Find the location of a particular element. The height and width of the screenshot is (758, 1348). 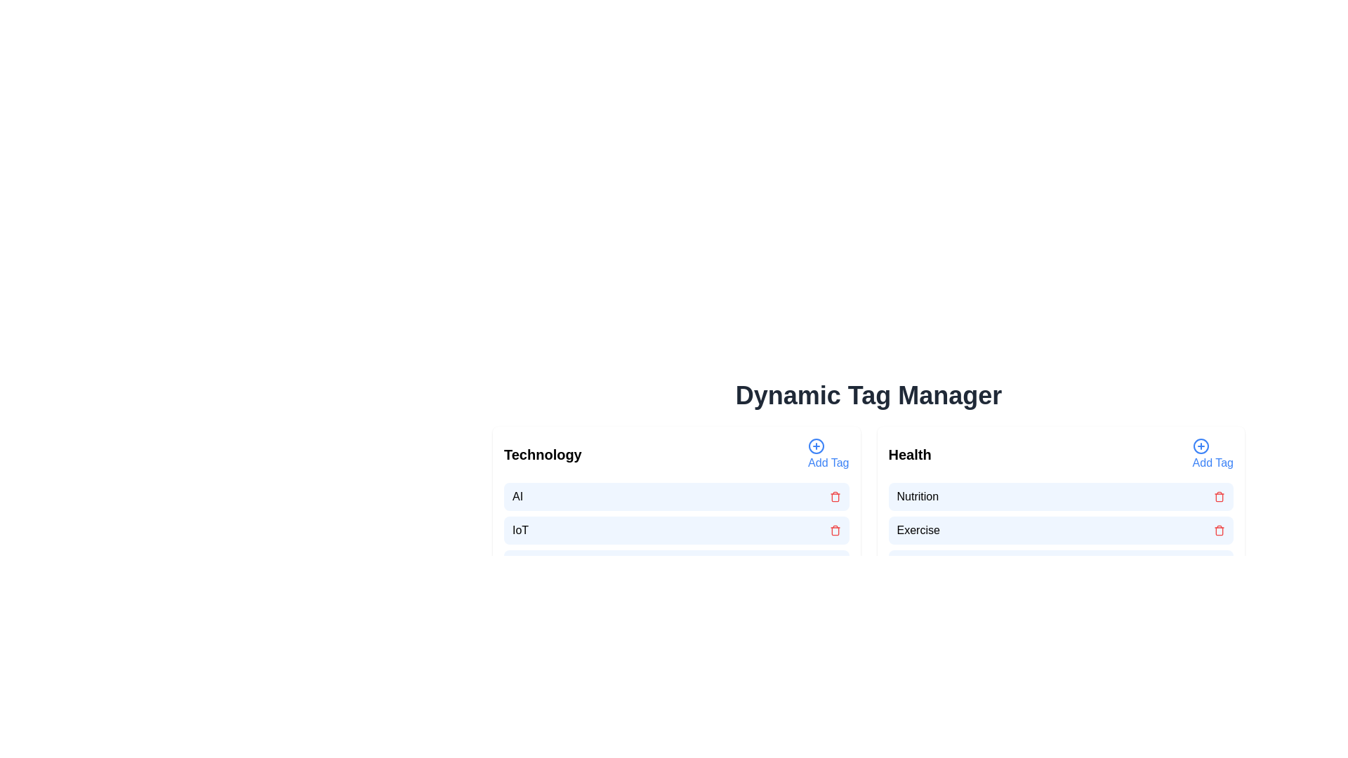

the delete button located at the right end of the 'Exercise' row in the 'Health' category section is located at coordinates (1219, 531).